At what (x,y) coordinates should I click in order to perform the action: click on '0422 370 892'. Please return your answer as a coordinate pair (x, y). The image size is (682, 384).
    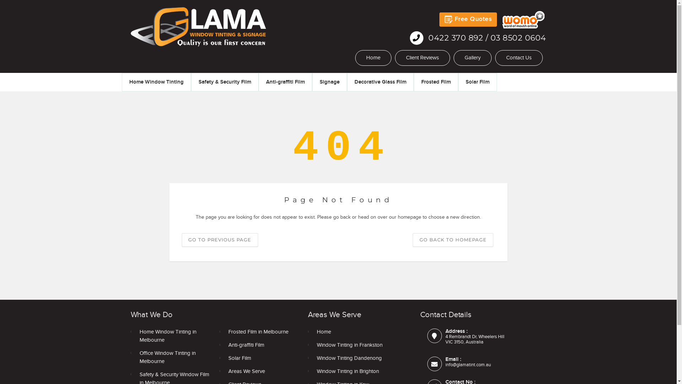
    Looking at the image, I should click on (457, 38).